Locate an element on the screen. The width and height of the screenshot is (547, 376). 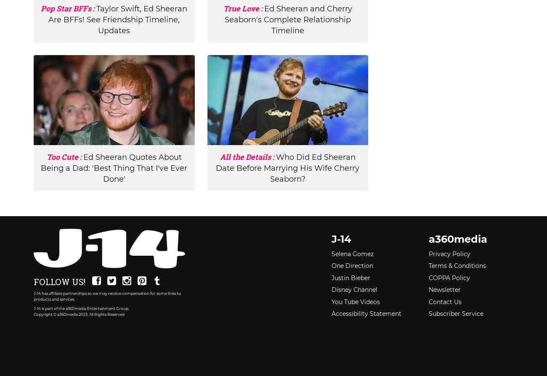
'Justin Bieber' is located at coordinates (351, 278).